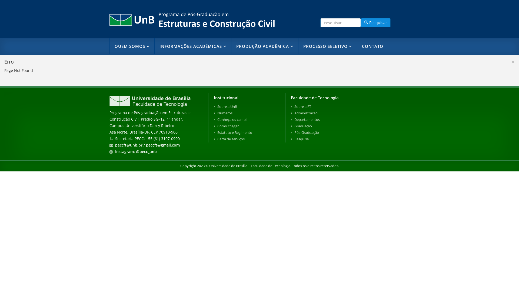  What do you see at coordinates (162, 145) in the screenshot?
I see `'peccft@gmail.com'` at bounding box center [162, 145].